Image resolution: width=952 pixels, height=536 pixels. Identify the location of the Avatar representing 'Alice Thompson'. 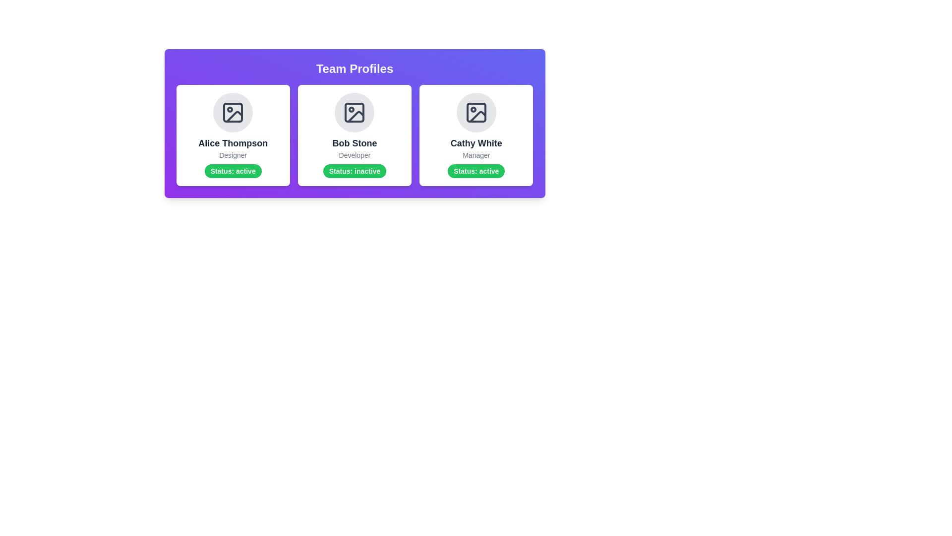
(233, 112).